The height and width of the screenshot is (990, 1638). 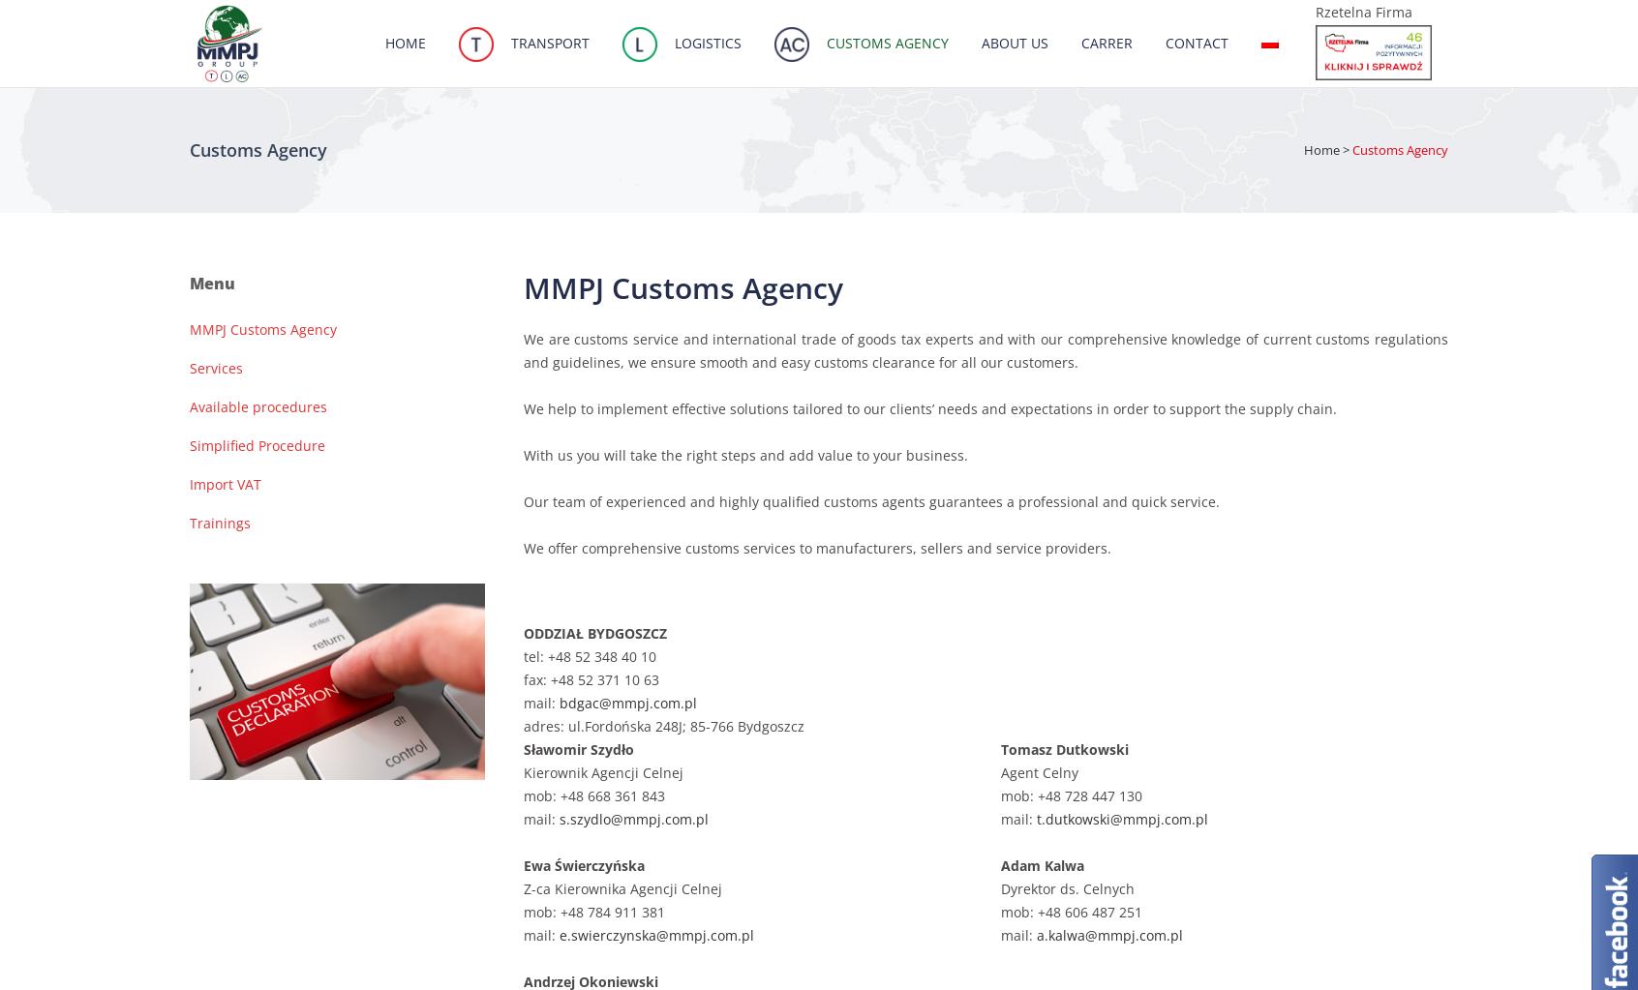 What do you see at coordinates (633, 818) in the screenshot?
I see `'s.szydlo@mmpj.com.pl'` at bounding box center [633, 818].